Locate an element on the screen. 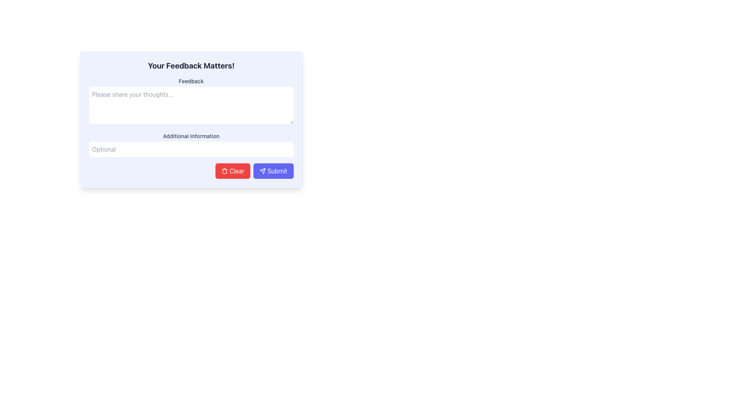  the red 'Clear' button with a trash can icon to observe its hover effect is located at coordinates (232, 171).